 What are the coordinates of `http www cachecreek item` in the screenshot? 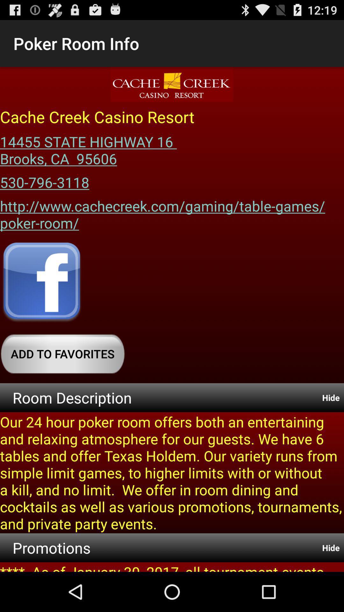 It's located at (172, 212).